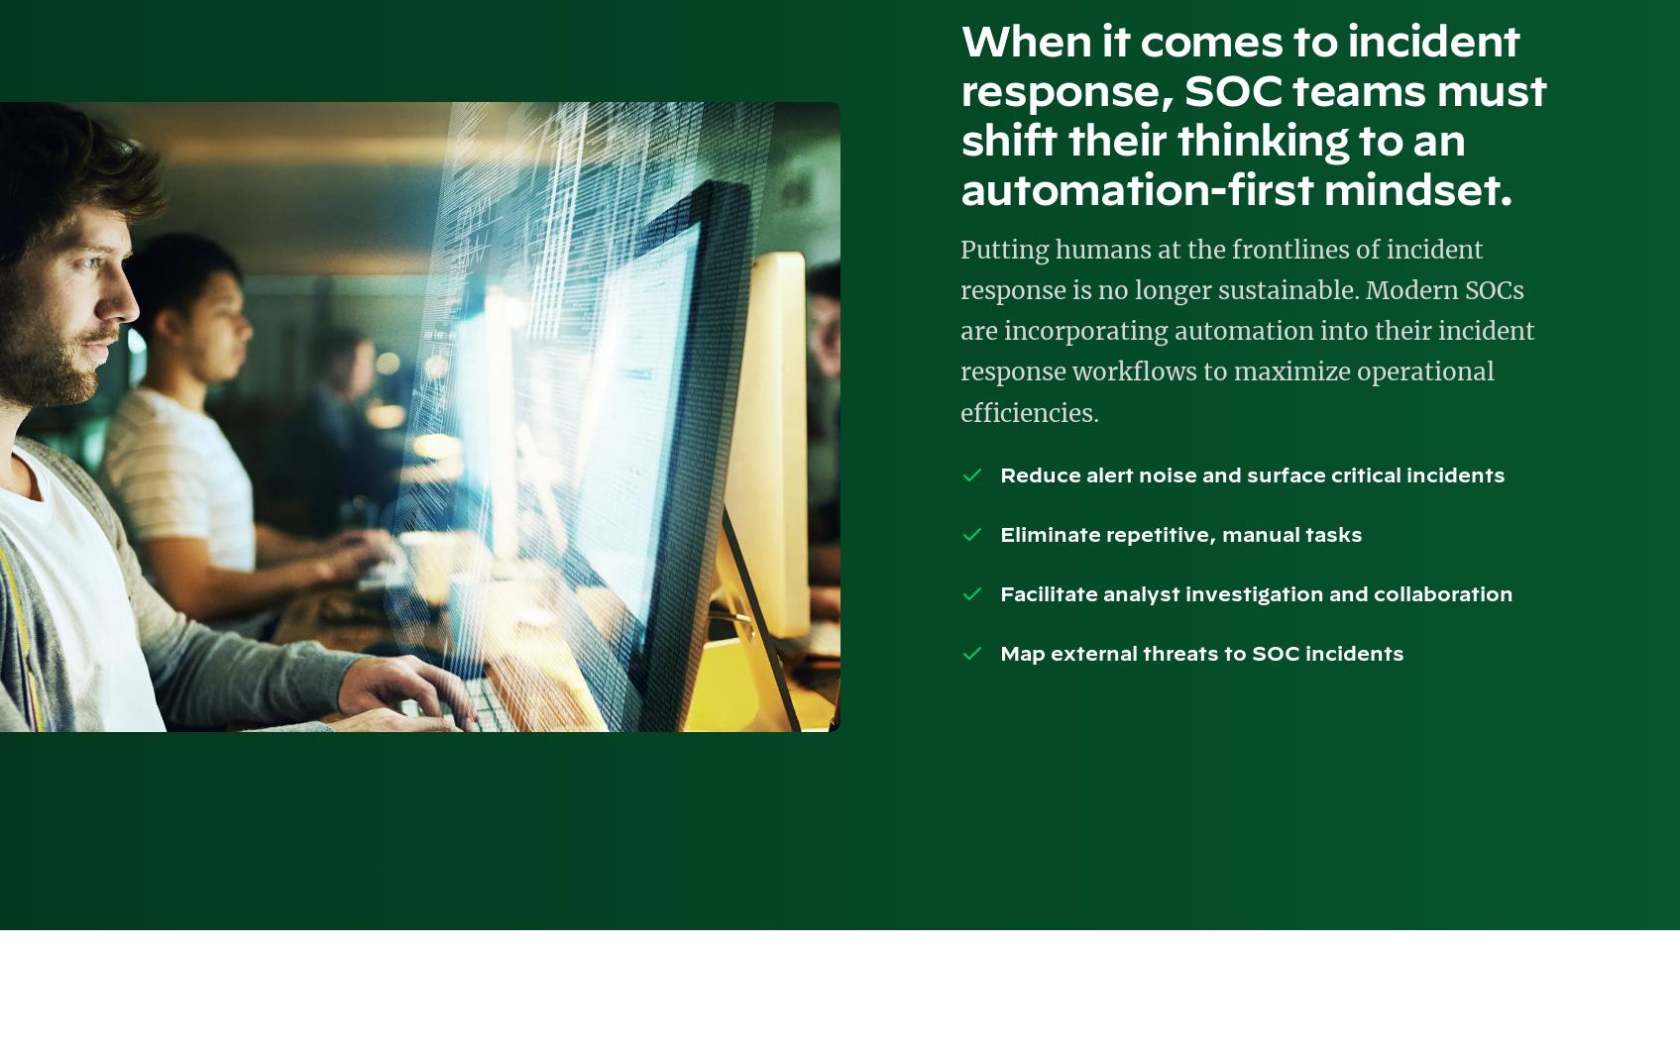  What do you see at coordinates (134, 183) in the screenshot?
I see `'Communities'` at bounding box center [134, 183].